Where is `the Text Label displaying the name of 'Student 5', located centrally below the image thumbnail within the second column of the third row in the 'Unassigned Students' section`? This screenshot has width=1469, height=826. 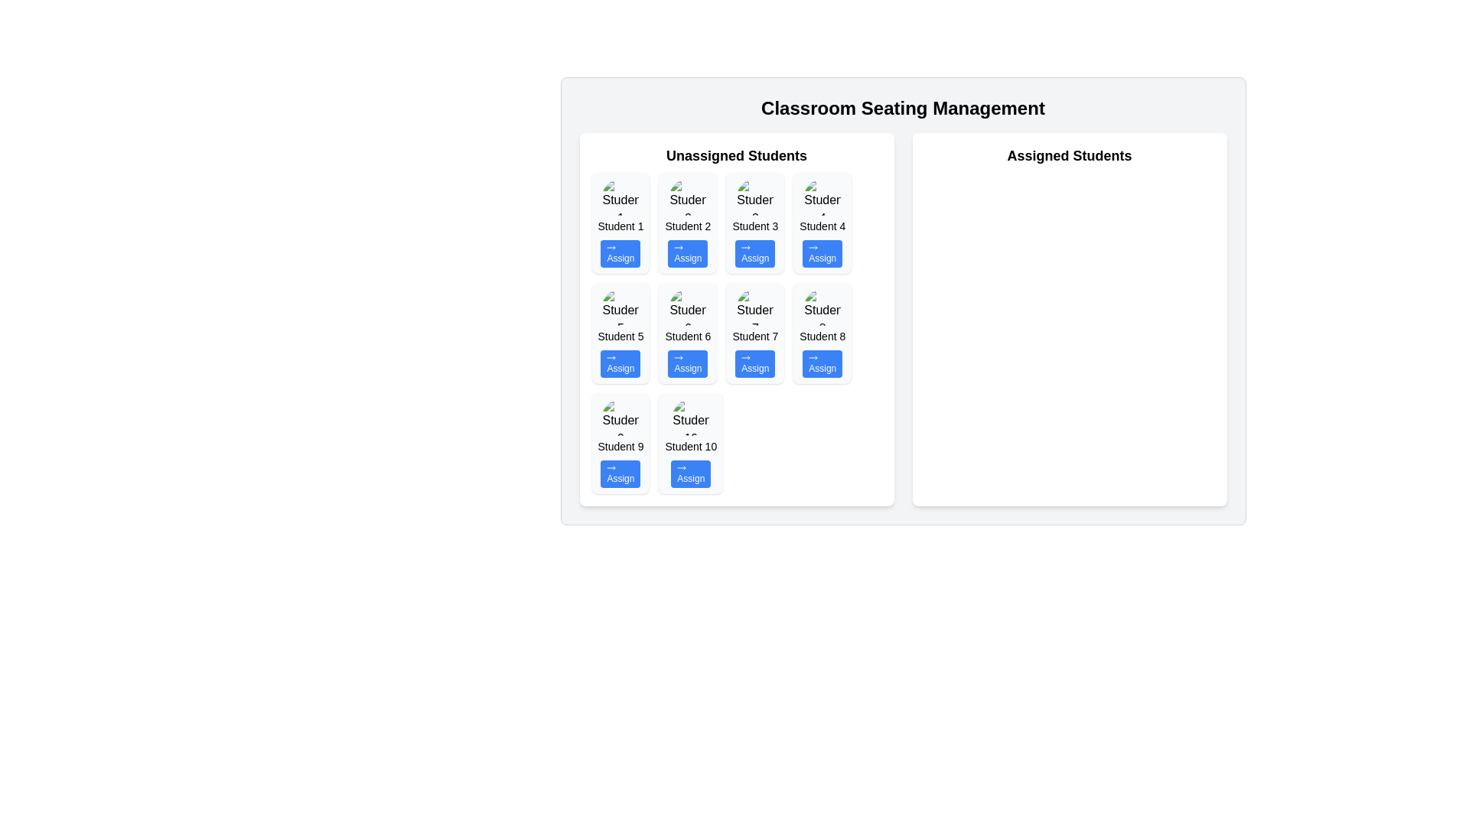
the Text Label displaying the name of 'Student 5', located centrally below the image thumbnail within the second column of the third row in the 'Unassigned Students' section is located at coordinates (620, 335).